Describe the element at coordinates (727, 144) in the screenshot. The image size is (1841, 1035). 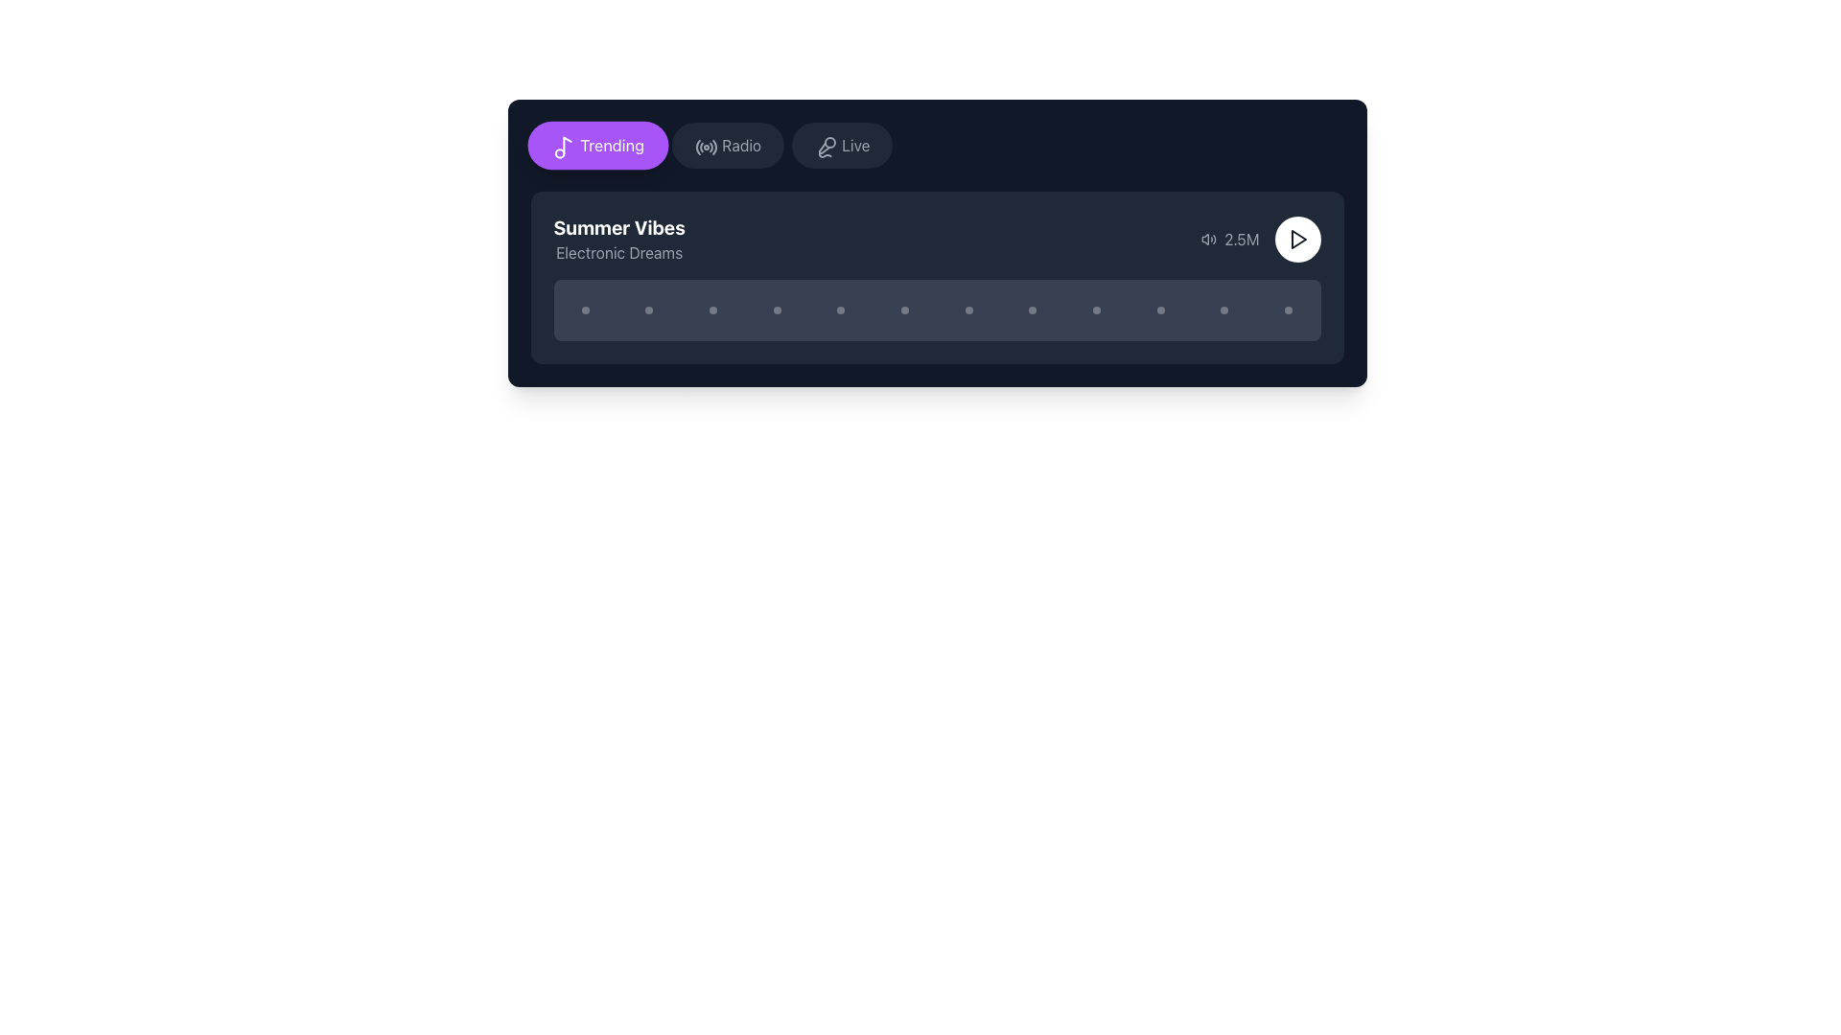
I see `the control button for radio features, which is the second button in a horizontal row between the 'Trending' and 'Live' buttons` at that location.